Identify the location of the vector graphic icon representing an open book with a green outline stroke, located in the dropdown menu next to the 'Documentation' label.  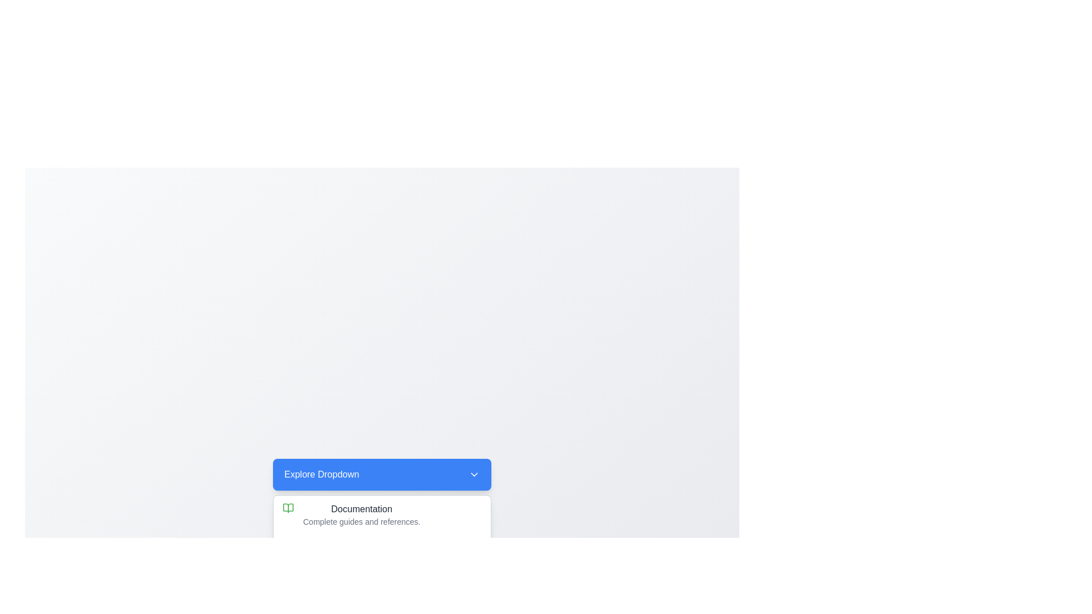
(288, 508).